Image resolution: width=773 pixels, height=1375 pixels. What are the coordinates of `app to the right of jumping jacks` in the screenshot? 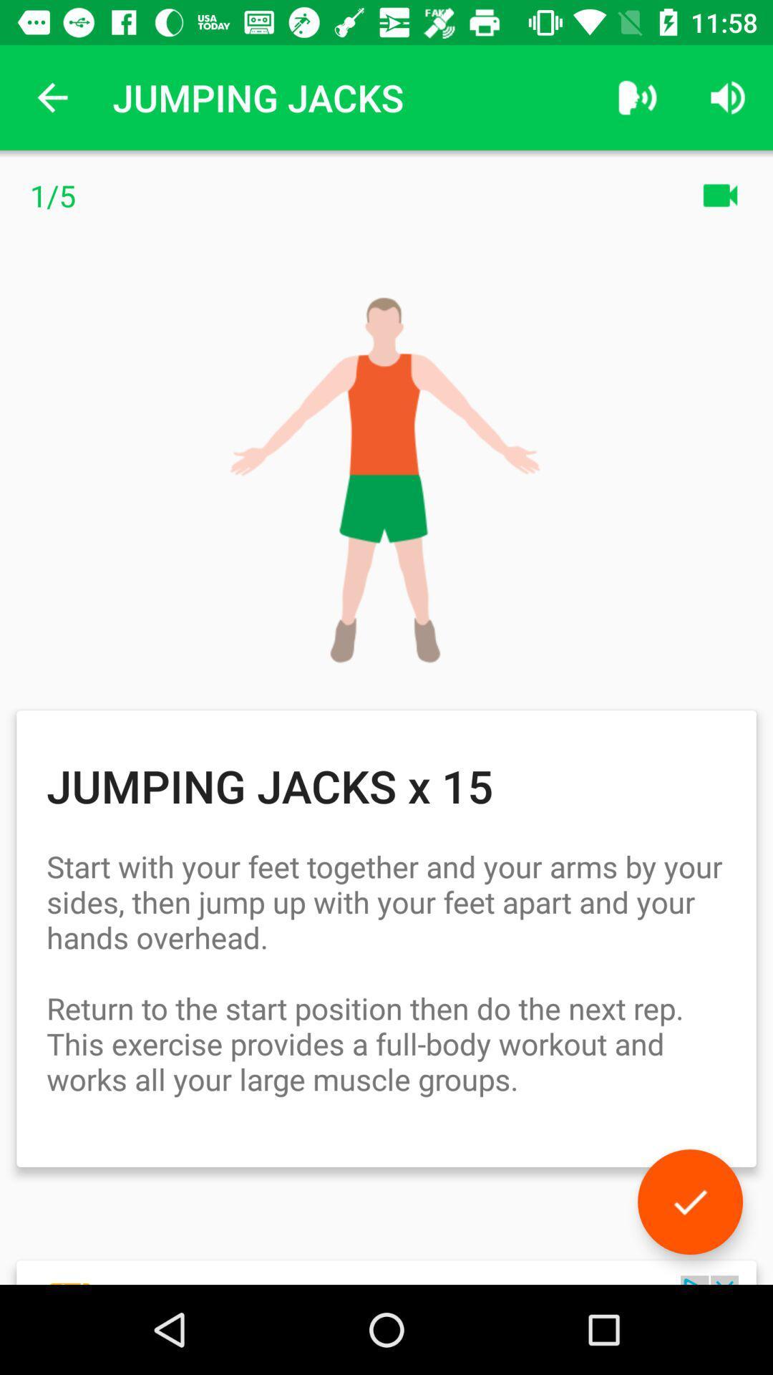 It's located at (637, 97).